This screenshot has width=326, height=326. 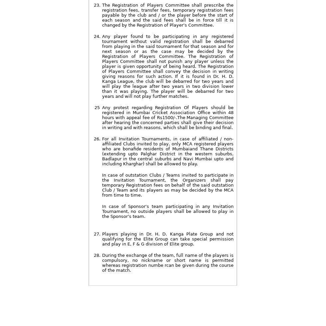 What do you see at coordinates (96, 107) in the screenshot?
I see `'25'` at bounding box center [96, 107].